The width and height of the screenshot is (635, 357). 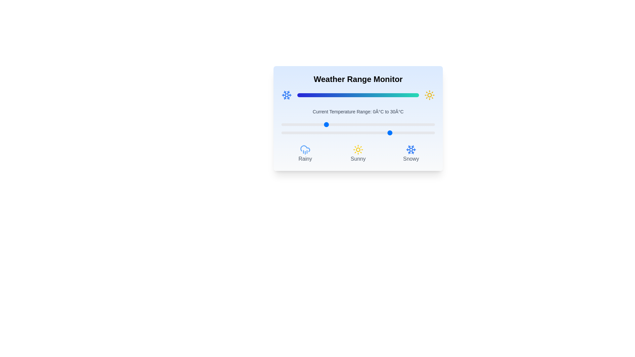 What do you see at coordinates (411, 149) in the screenshot?
I see `the prominent blue snowflake icon located in the bottom-right corner of the weather display card, which is part of a set of weather icons and positioned above the 'Snowy' label` at bounding box center [411, 149].